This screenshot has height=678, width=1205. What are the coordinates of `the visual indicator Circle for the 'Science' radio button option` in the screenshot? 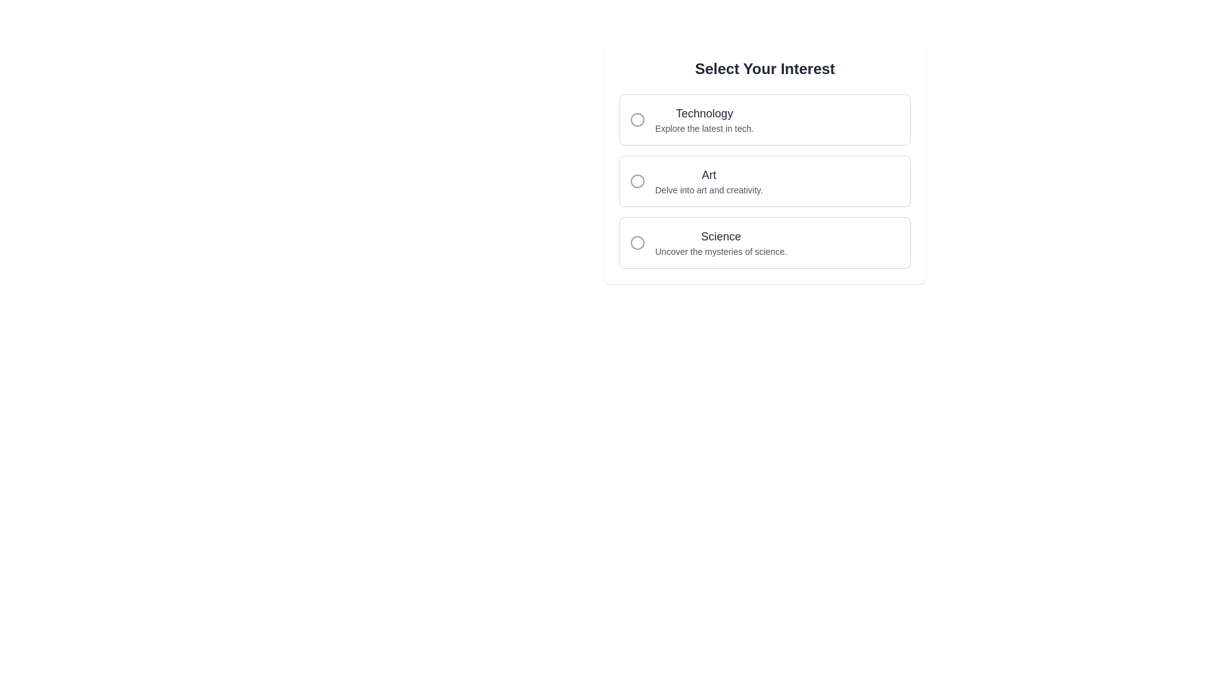 It's located at (638, 242).